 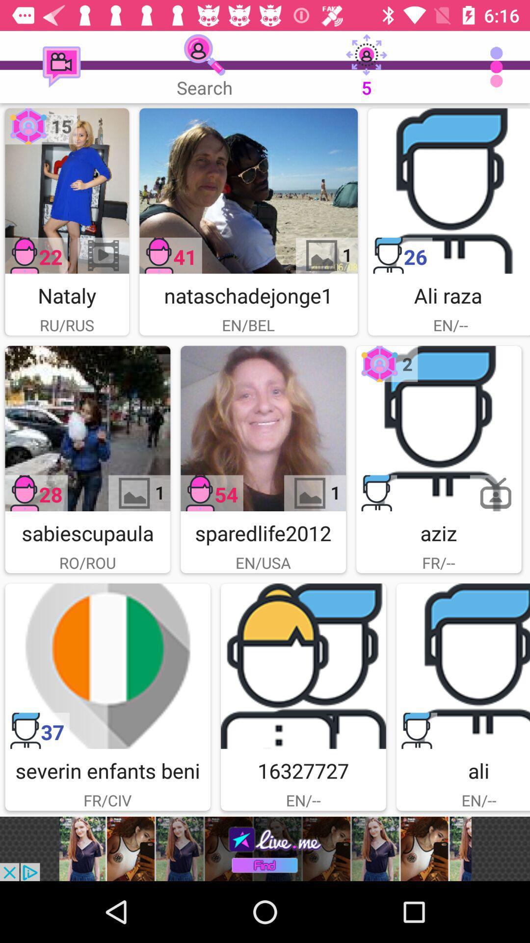 I want to click on image, so click(x=66, y=191).